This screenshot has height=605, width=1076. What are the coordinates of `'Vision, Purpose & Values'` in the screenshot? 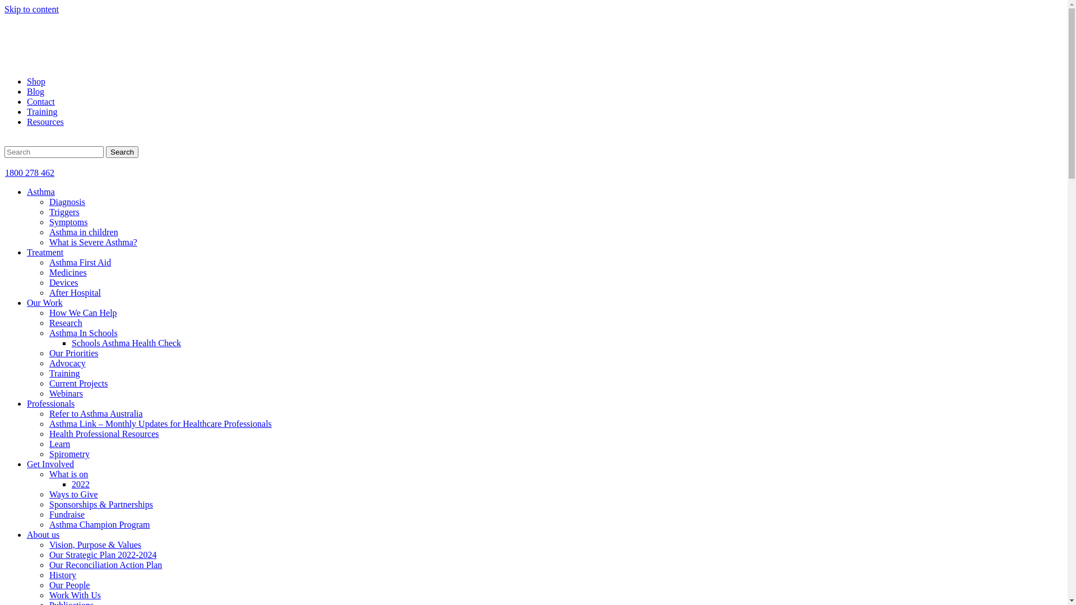 It's located at (95, 544).